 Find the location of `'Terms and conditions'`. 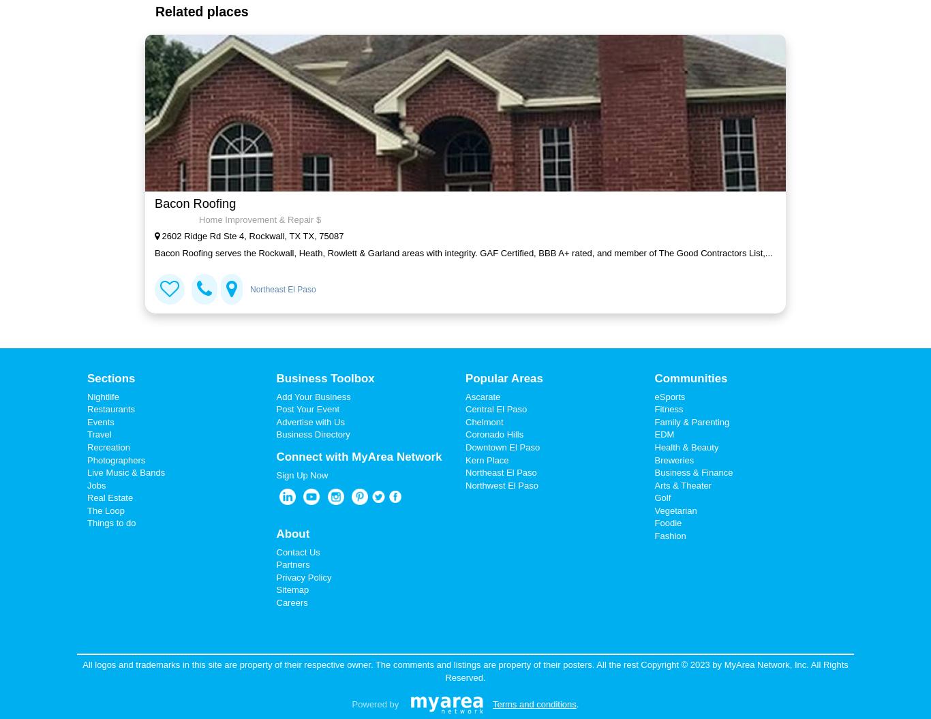

'Terms and conditions' is located at coordinates (534, 703).